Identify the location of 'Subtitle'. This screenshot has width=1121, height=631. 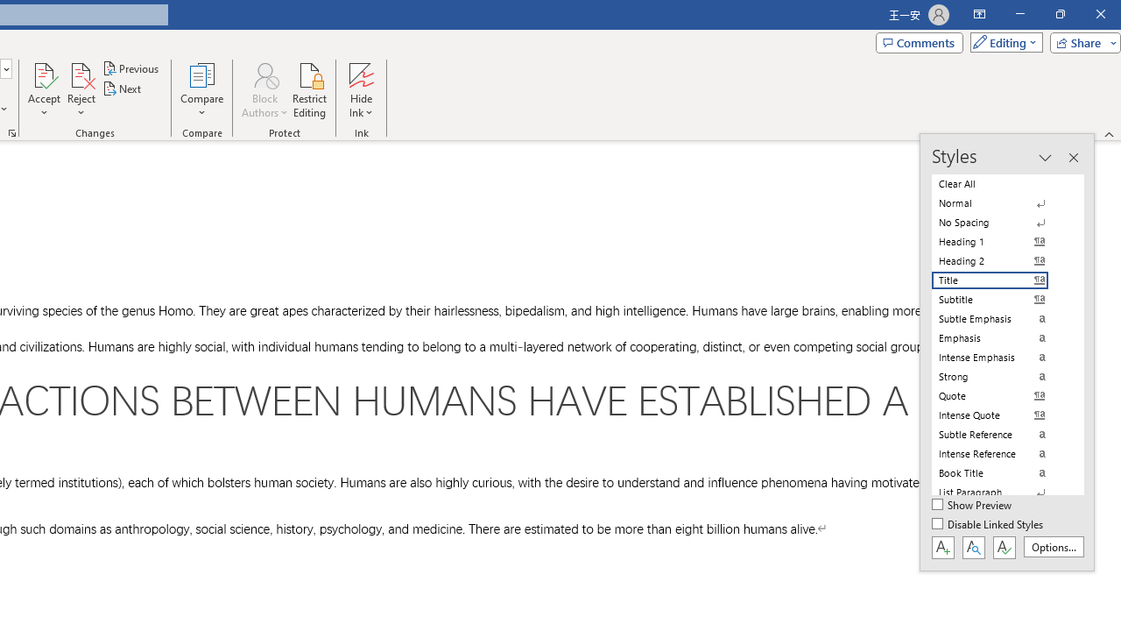
(1000, 299).